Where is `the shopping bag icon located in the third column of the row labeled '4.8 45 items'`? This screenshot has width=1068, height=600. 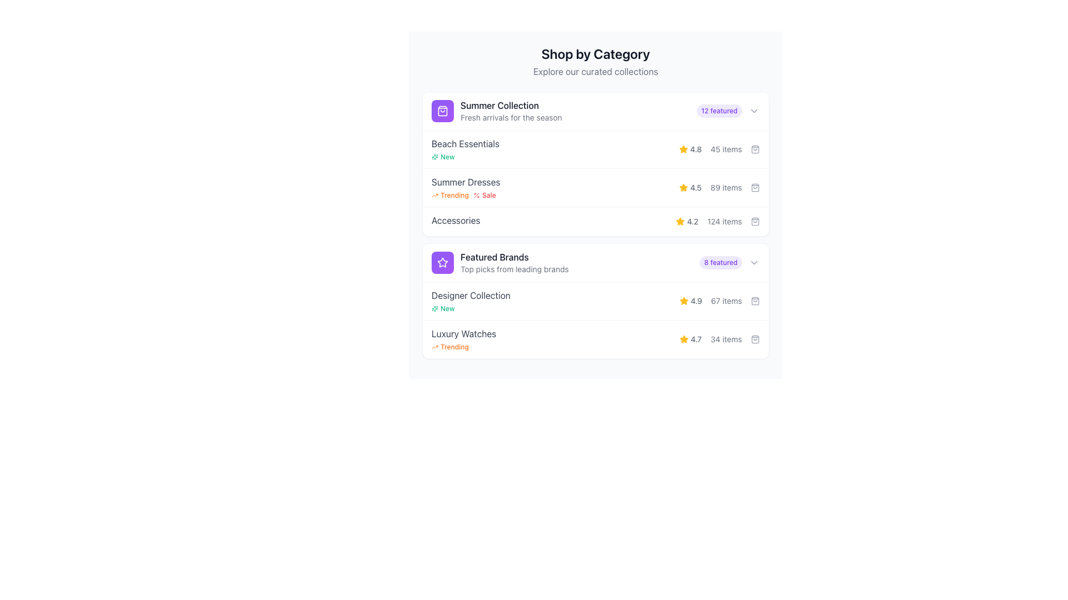
the shopping bag icon located in the third column of the row labeled '4.8 45 items' is located at coordinates (755, 149).